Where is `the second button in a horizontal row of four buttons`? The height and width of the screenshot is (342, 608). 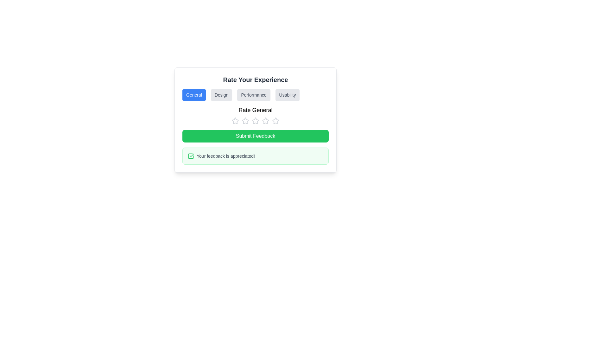
the second button in a horizontal row of four buttons is located at coordinates (221, 95).